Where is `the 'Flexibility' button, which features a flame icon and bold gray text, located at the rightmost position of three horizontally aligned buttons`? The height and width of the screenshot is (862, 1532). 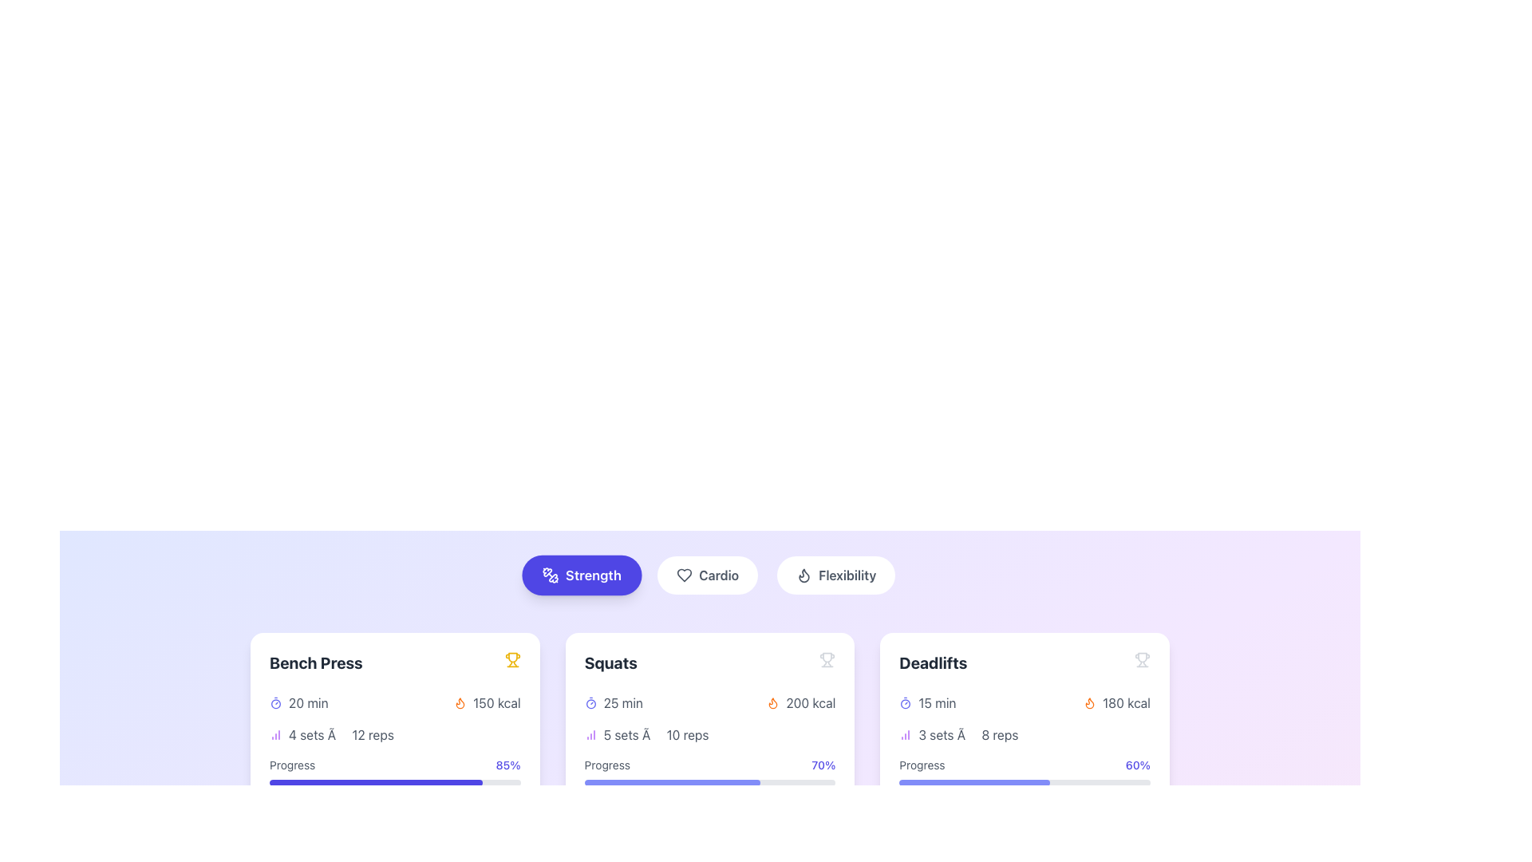
the 'Flexibility' button, which features a flame icon and bold gray text, located at the rightmost position of three horizontally aligned buttons is located at coordinates (835, 575).